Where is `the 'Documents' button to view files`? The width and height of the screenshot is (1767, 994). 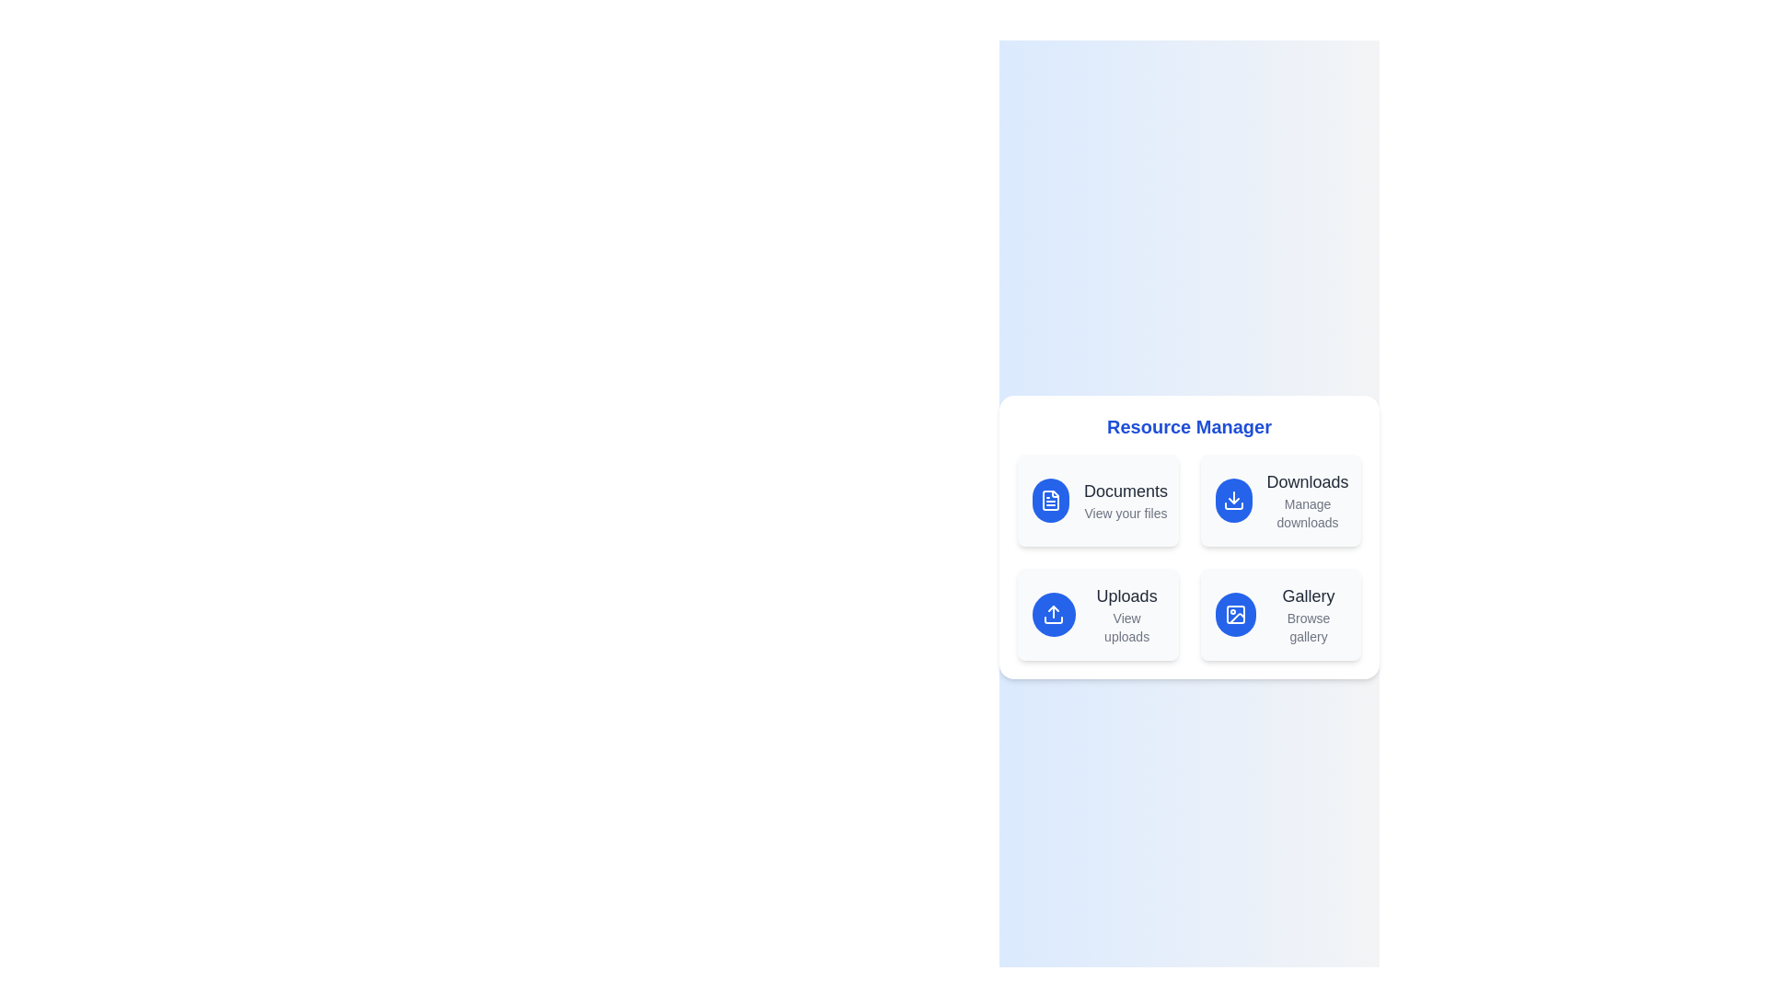 the 'Documents' button to view files is located at coordinates (1098, 500).